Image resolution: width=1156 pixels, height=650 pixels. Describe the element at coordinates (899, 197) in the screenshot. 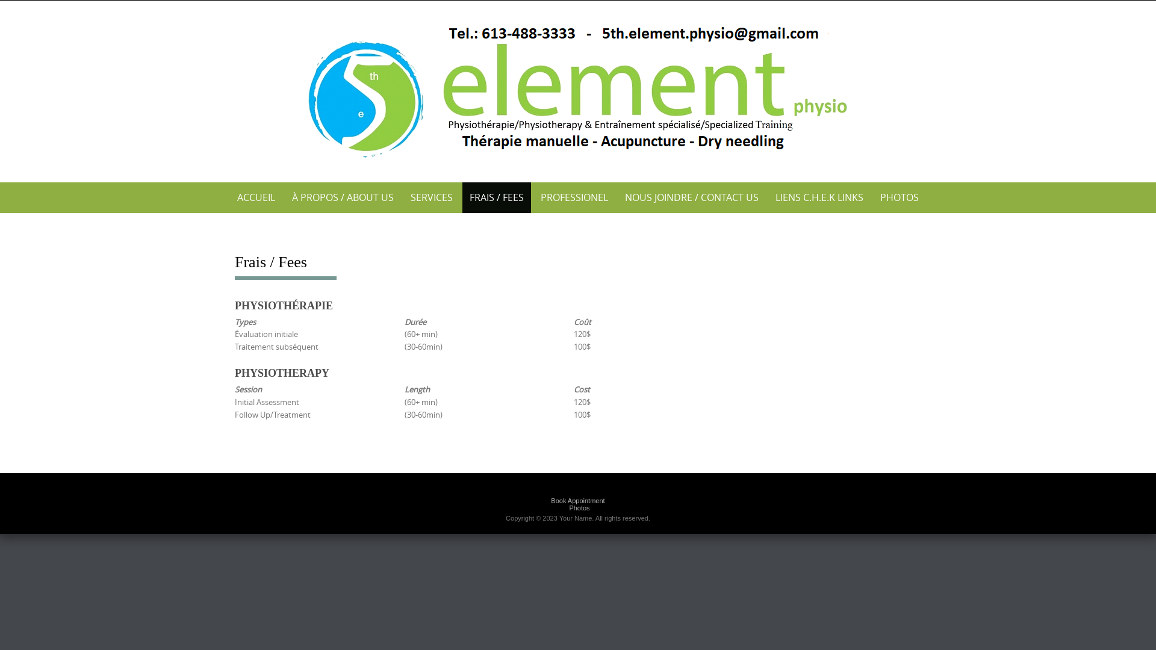

I see `'PHOTOS'` at that location.